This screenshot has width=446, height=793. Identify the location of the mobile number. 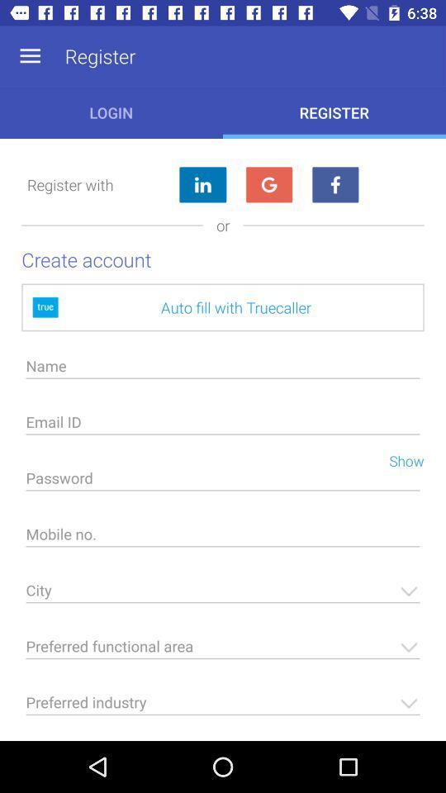
(223, 538).